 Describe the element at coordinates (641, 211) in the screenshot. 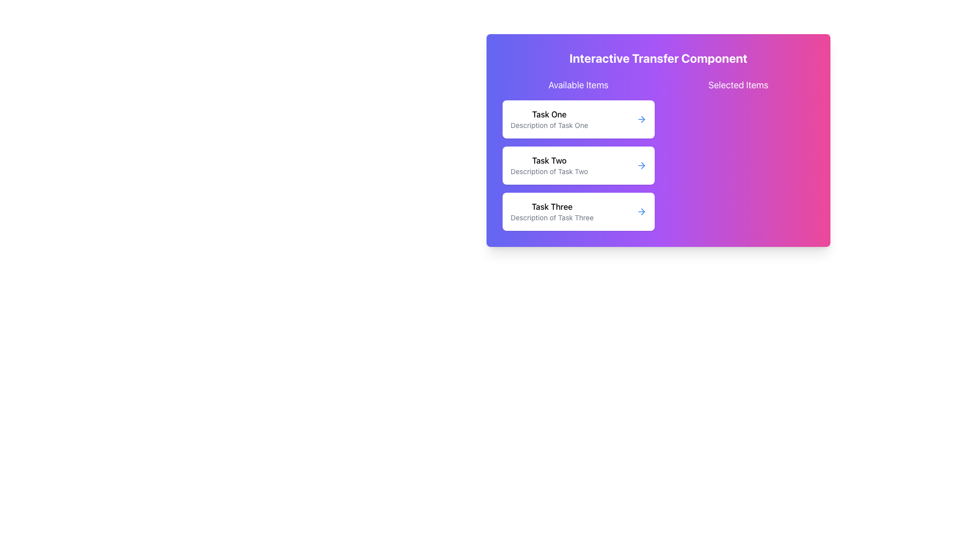

I see `the icon associated with the third task item labeled 'Task Three' in the 'Available Items' column of the interactive transfer component` at that location.